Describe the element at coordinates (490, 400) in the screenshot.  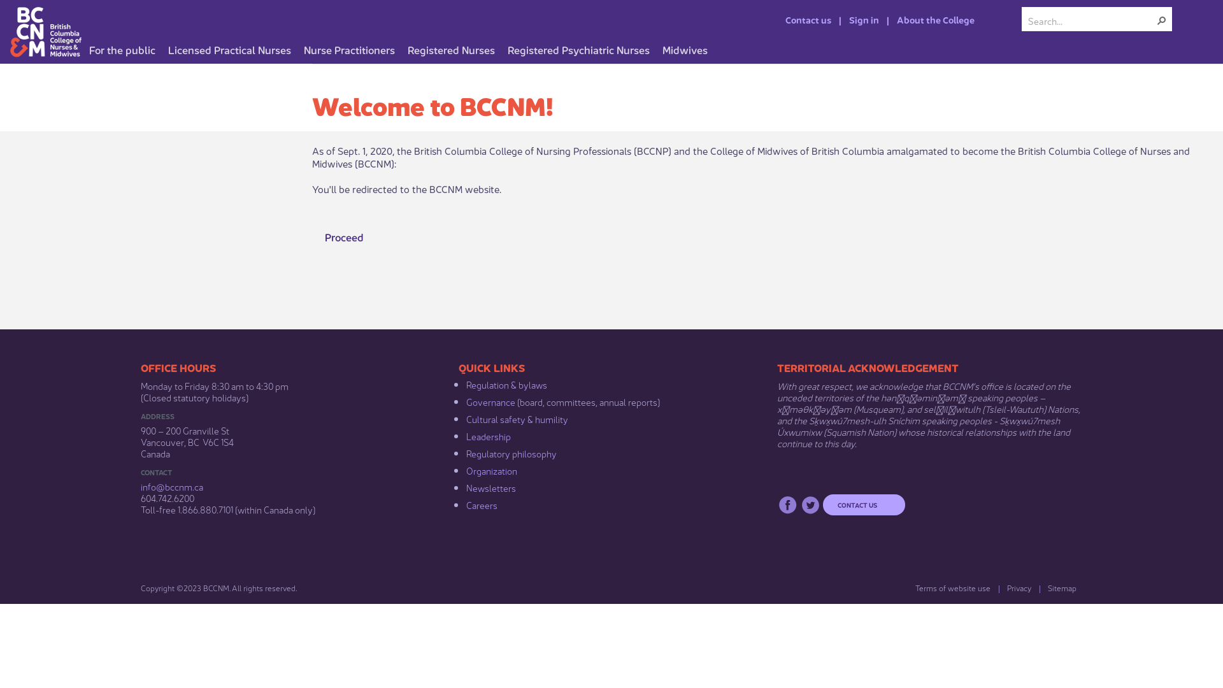
I see `'Governance'` at that location.